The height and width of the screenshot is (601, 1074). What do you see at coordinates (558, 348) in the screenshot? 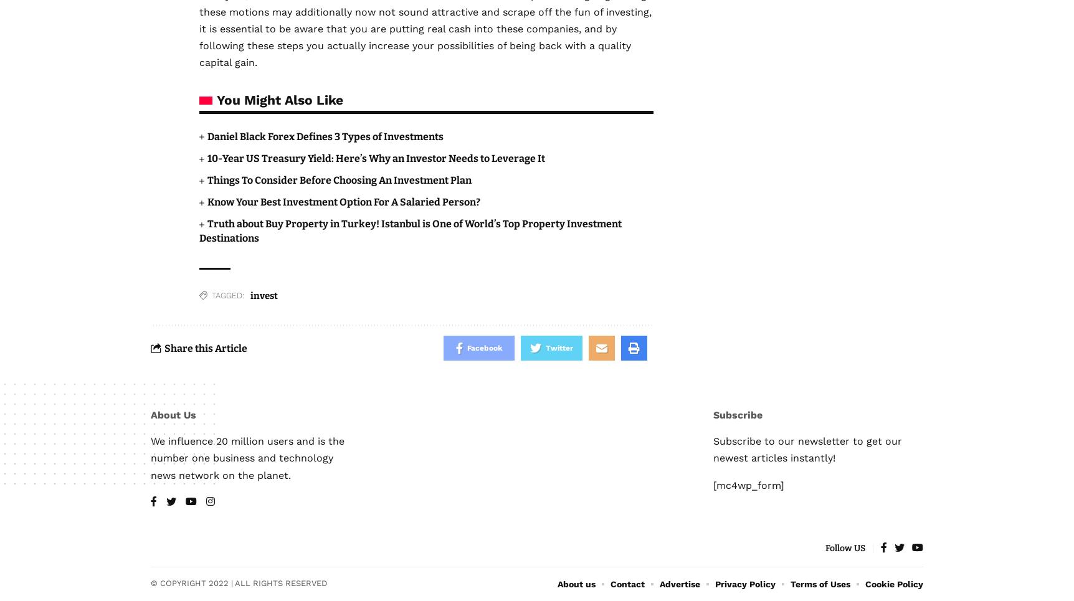
I see `'Twitter'` at bounding box center [558, 348].